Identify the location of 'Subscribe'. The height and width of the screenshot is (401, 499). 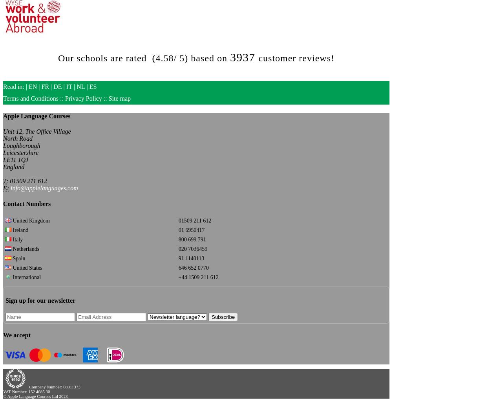
(223, 316).